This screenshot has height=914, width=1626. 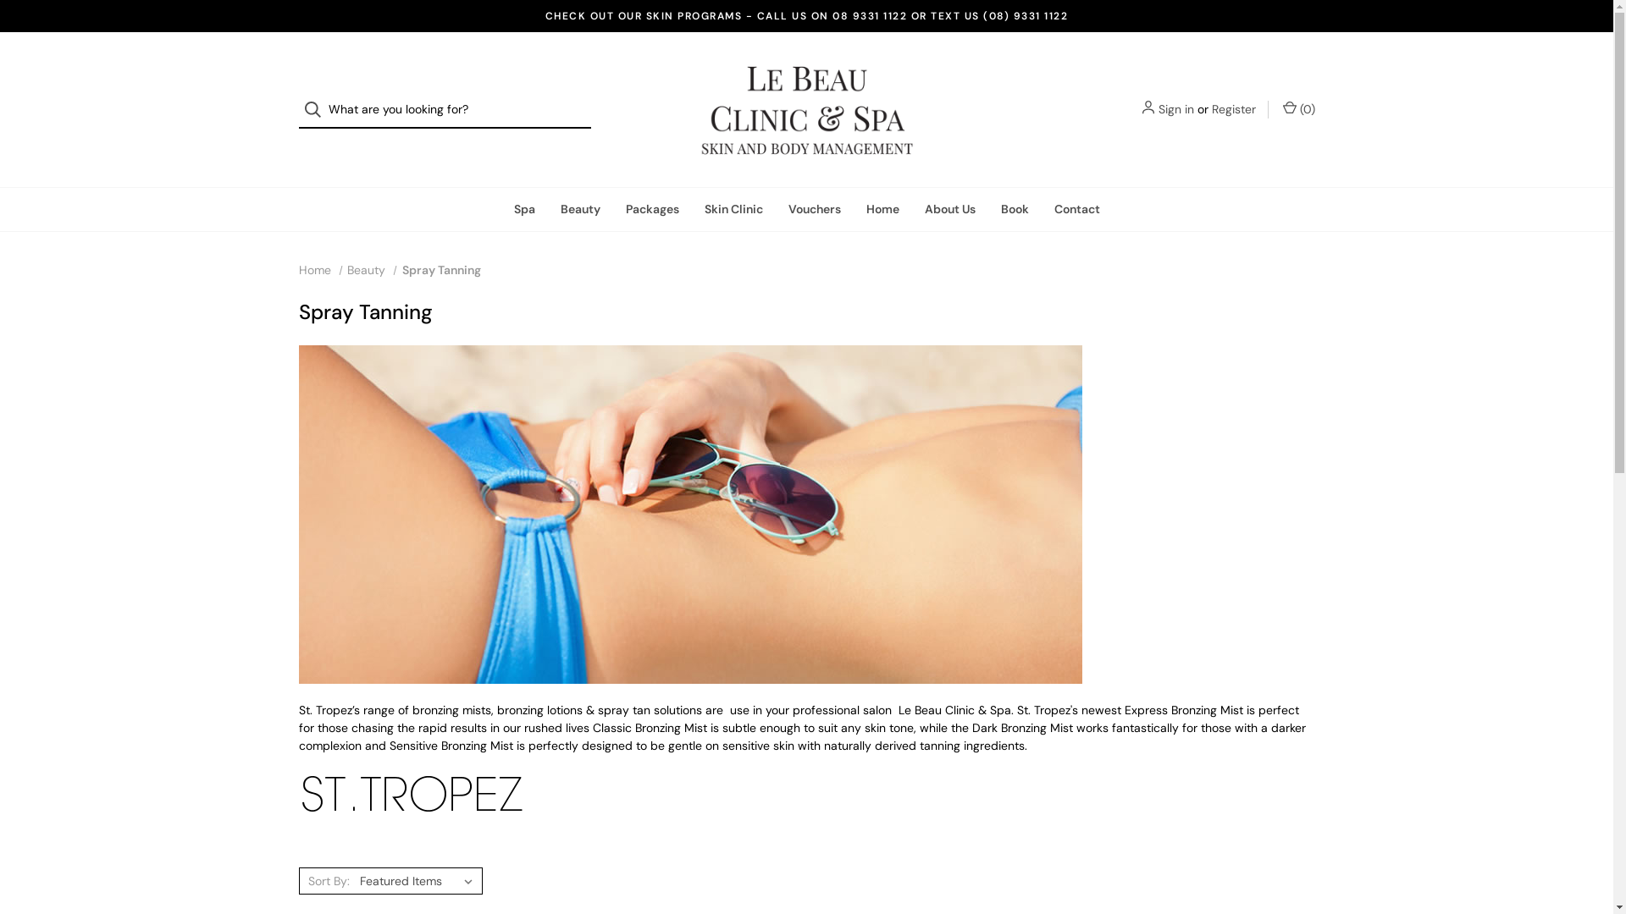 What do you see at coordinates (411, 793) in the screenshot?
I see `'st-tropez-self-tan.png'` at bounding box center [411, 793].